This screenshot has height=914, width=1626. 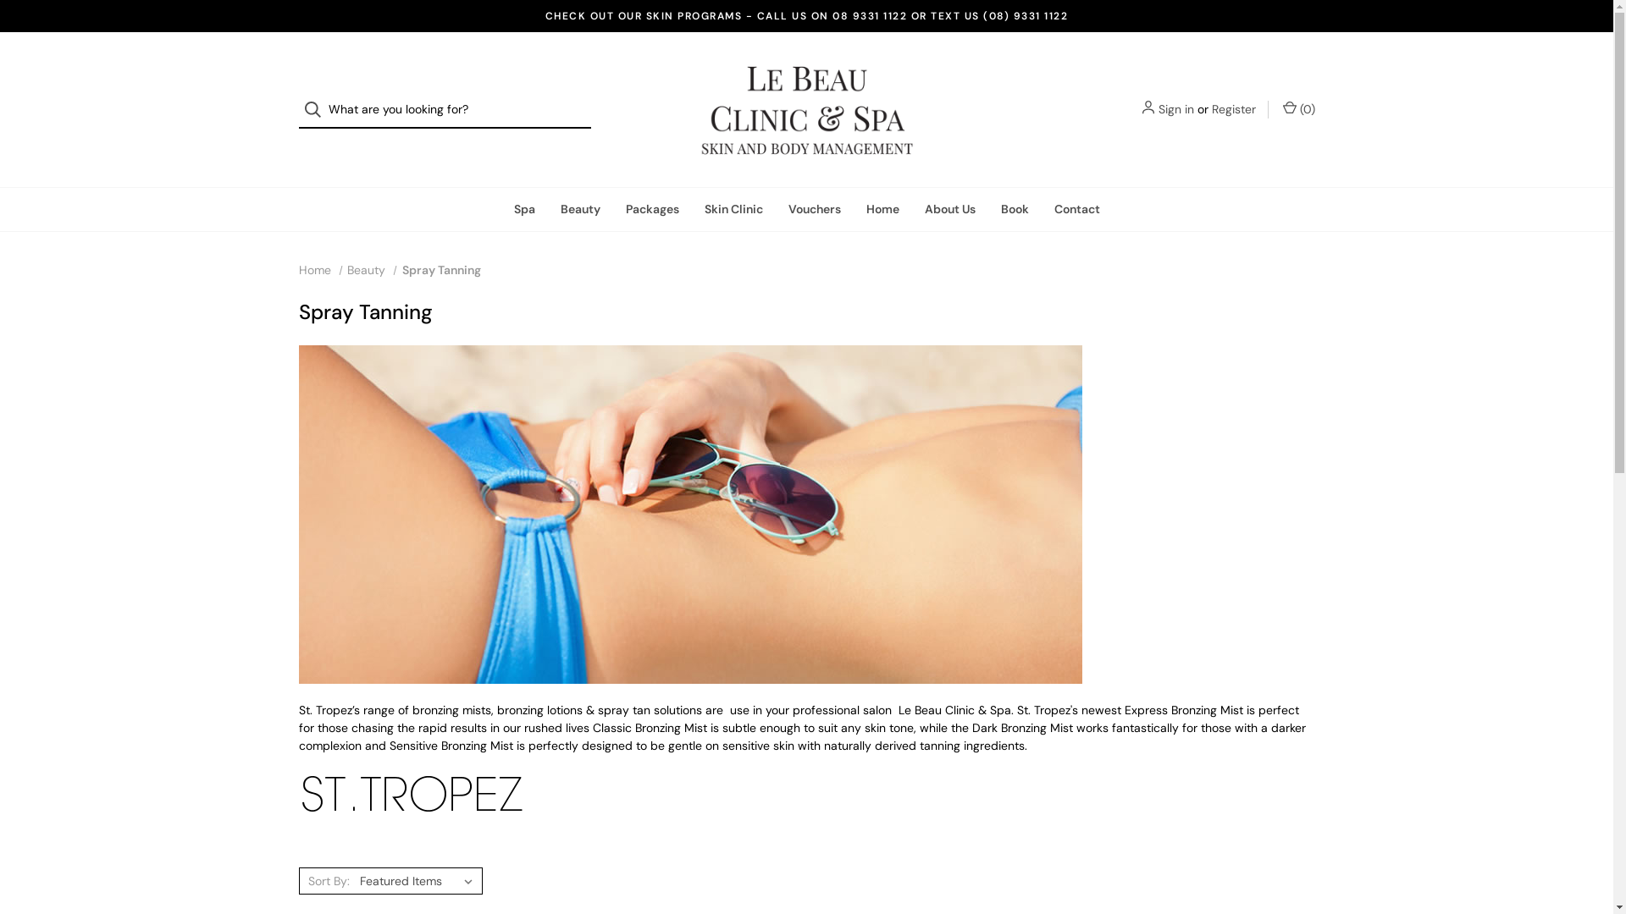 What do you see at coordinates (411, 793) in the screenshot?
I see `'st-tropez-self-tan.png'` at bounding box center [411, 793].